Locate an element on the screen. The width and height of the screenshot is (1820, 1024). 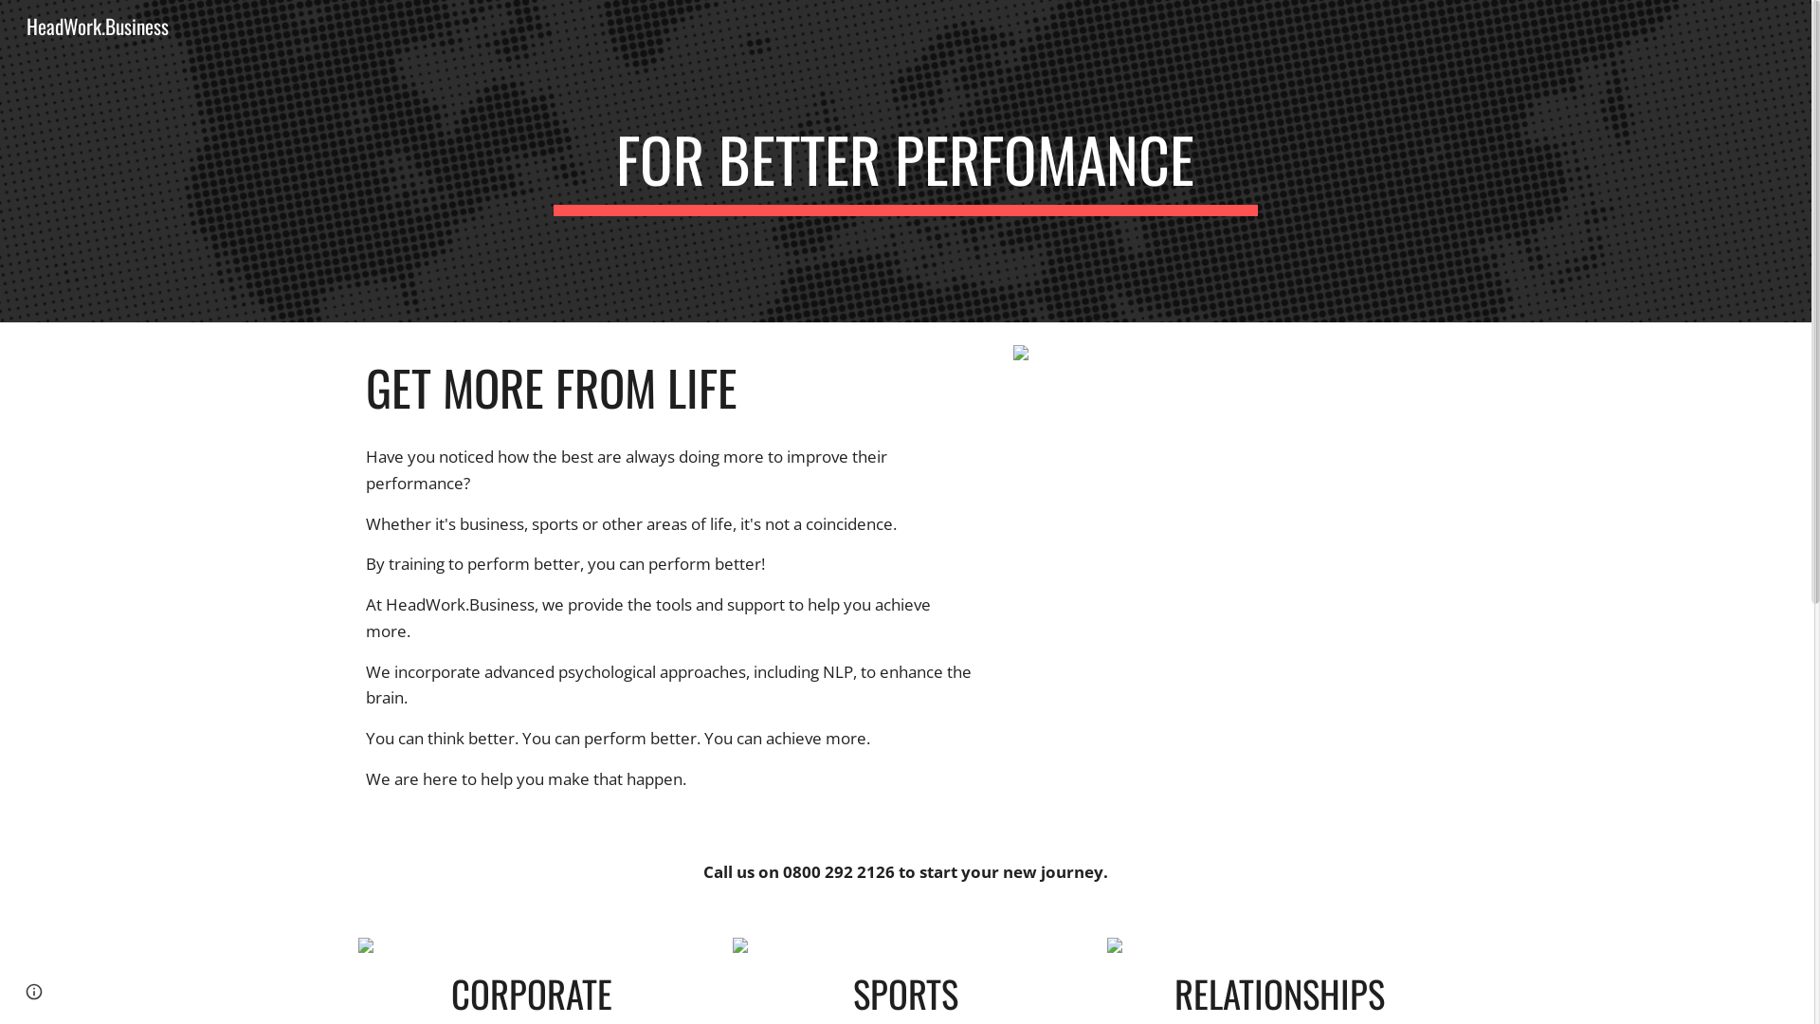
'HeadWork.Business' is located at coordinates (96, 23).